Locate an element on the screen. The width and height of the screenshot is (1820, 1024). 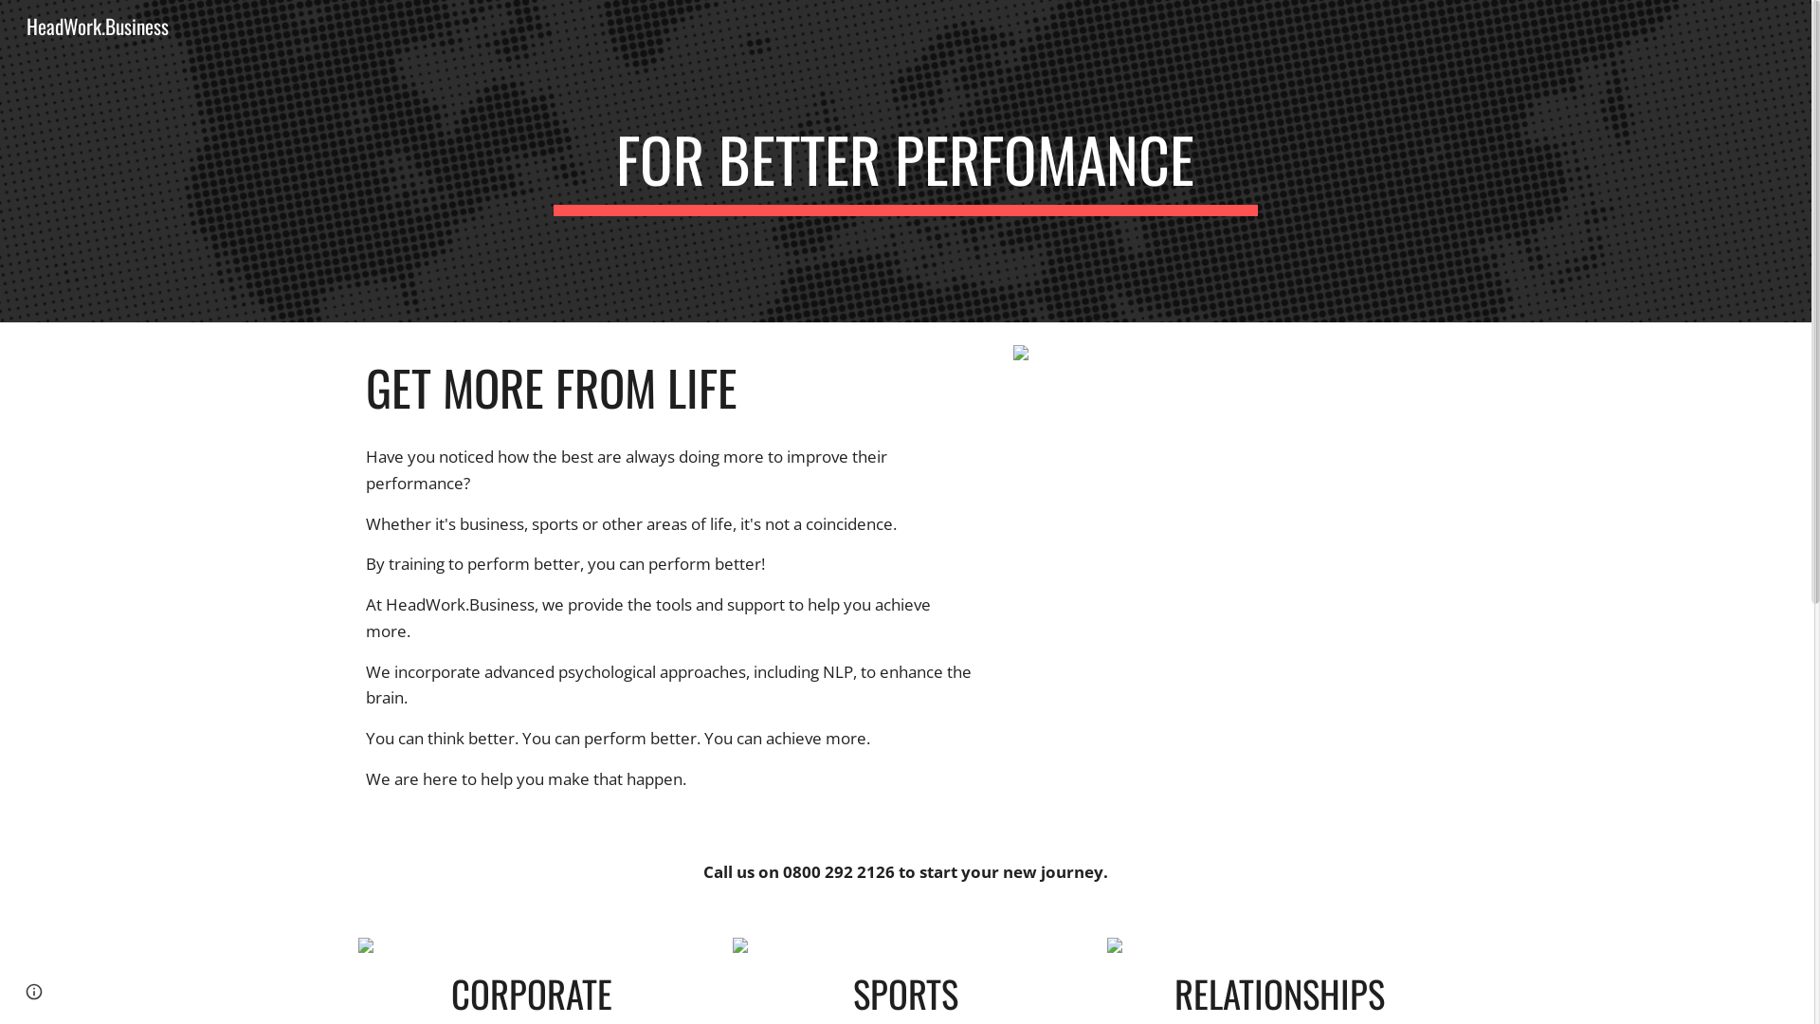
'HeadWork.Business' is located at coordinates (96, 23).